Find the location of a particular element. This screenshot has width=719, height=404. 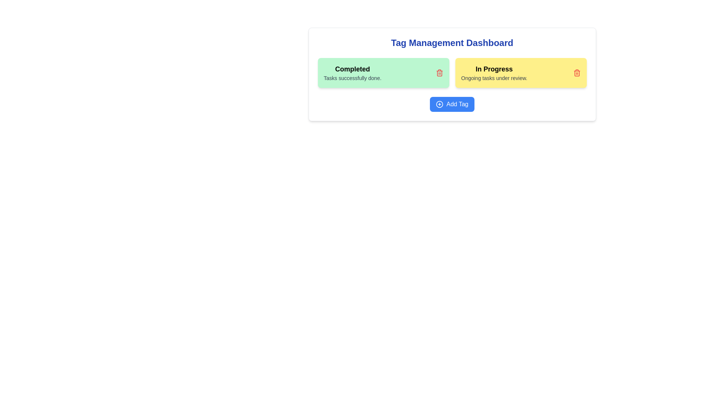

the text label indicating the status of tasks in the 'Completed' category, which is located below the 'Completed' text within a light green card in the 'Tag Management Dashboard' is located at coordinates (352, 78).